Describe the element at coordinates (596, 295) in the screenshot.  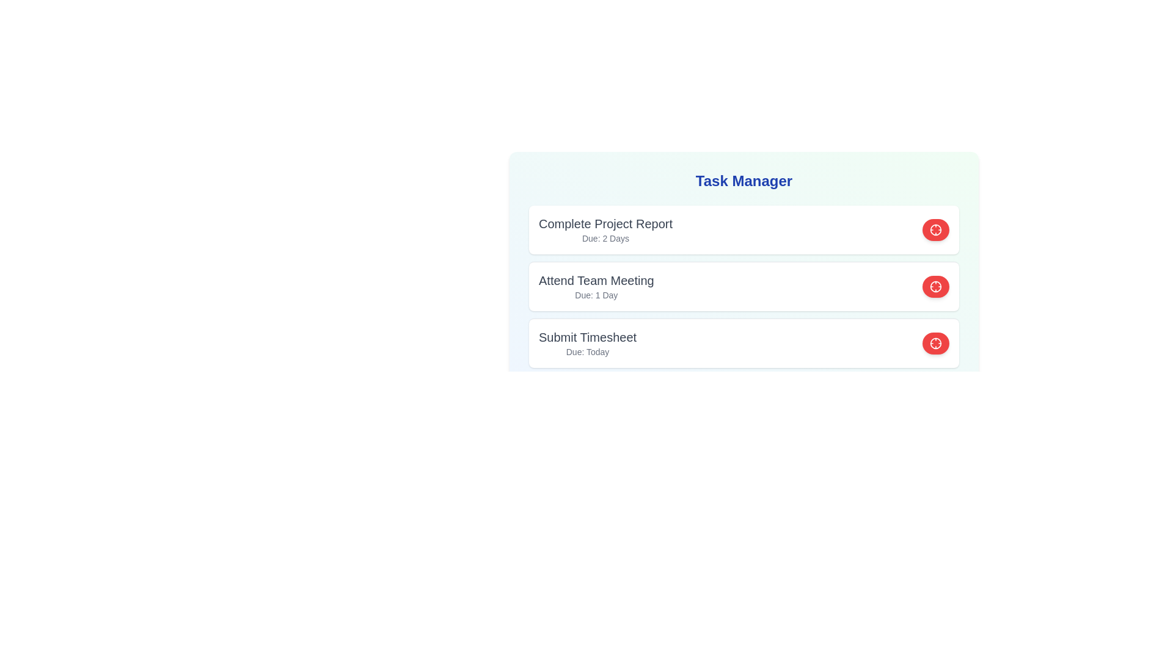
I see `the text label displaying 'Due: 1 Day', which is located below the heading 'Attend Team Meeting' in the task list interface` at that location.